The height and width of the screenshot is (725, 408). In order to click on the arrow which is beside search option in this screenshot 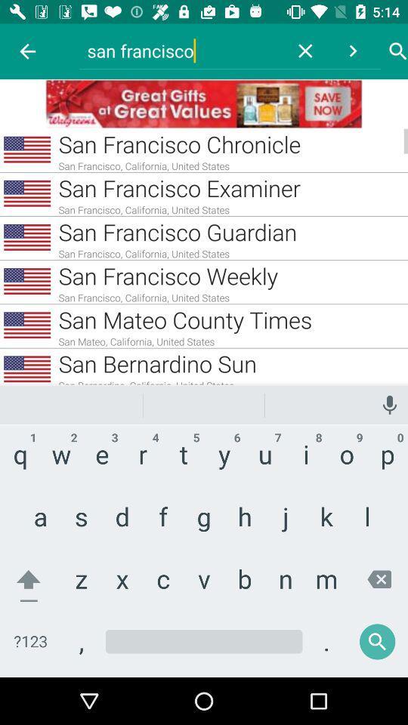, I will do `click(360, 51)`.